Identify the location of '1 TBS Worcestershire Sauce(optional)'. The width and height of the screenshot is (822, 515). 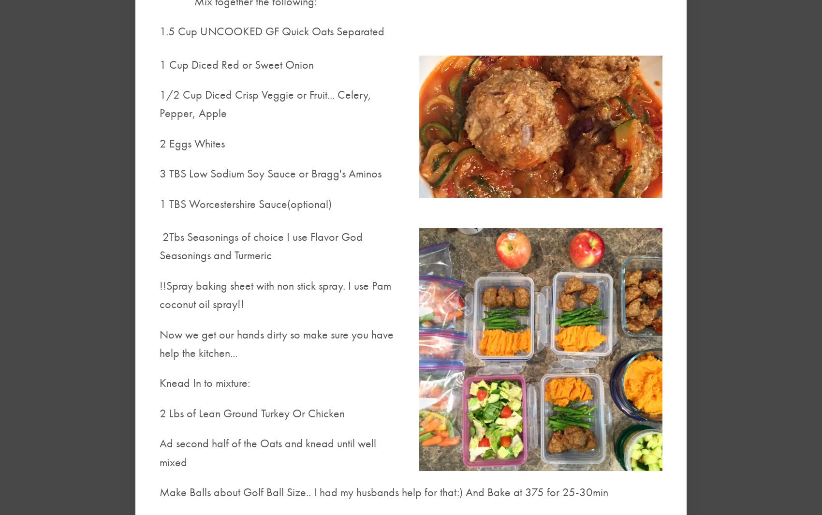
(245, 203).